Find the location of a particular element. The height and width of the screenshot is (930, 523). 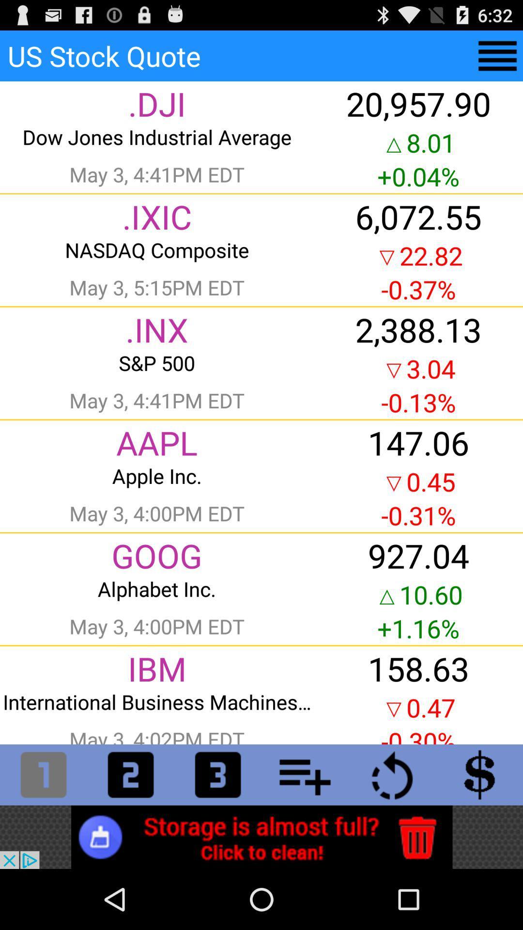

quote is located at coordinates (497, 55).